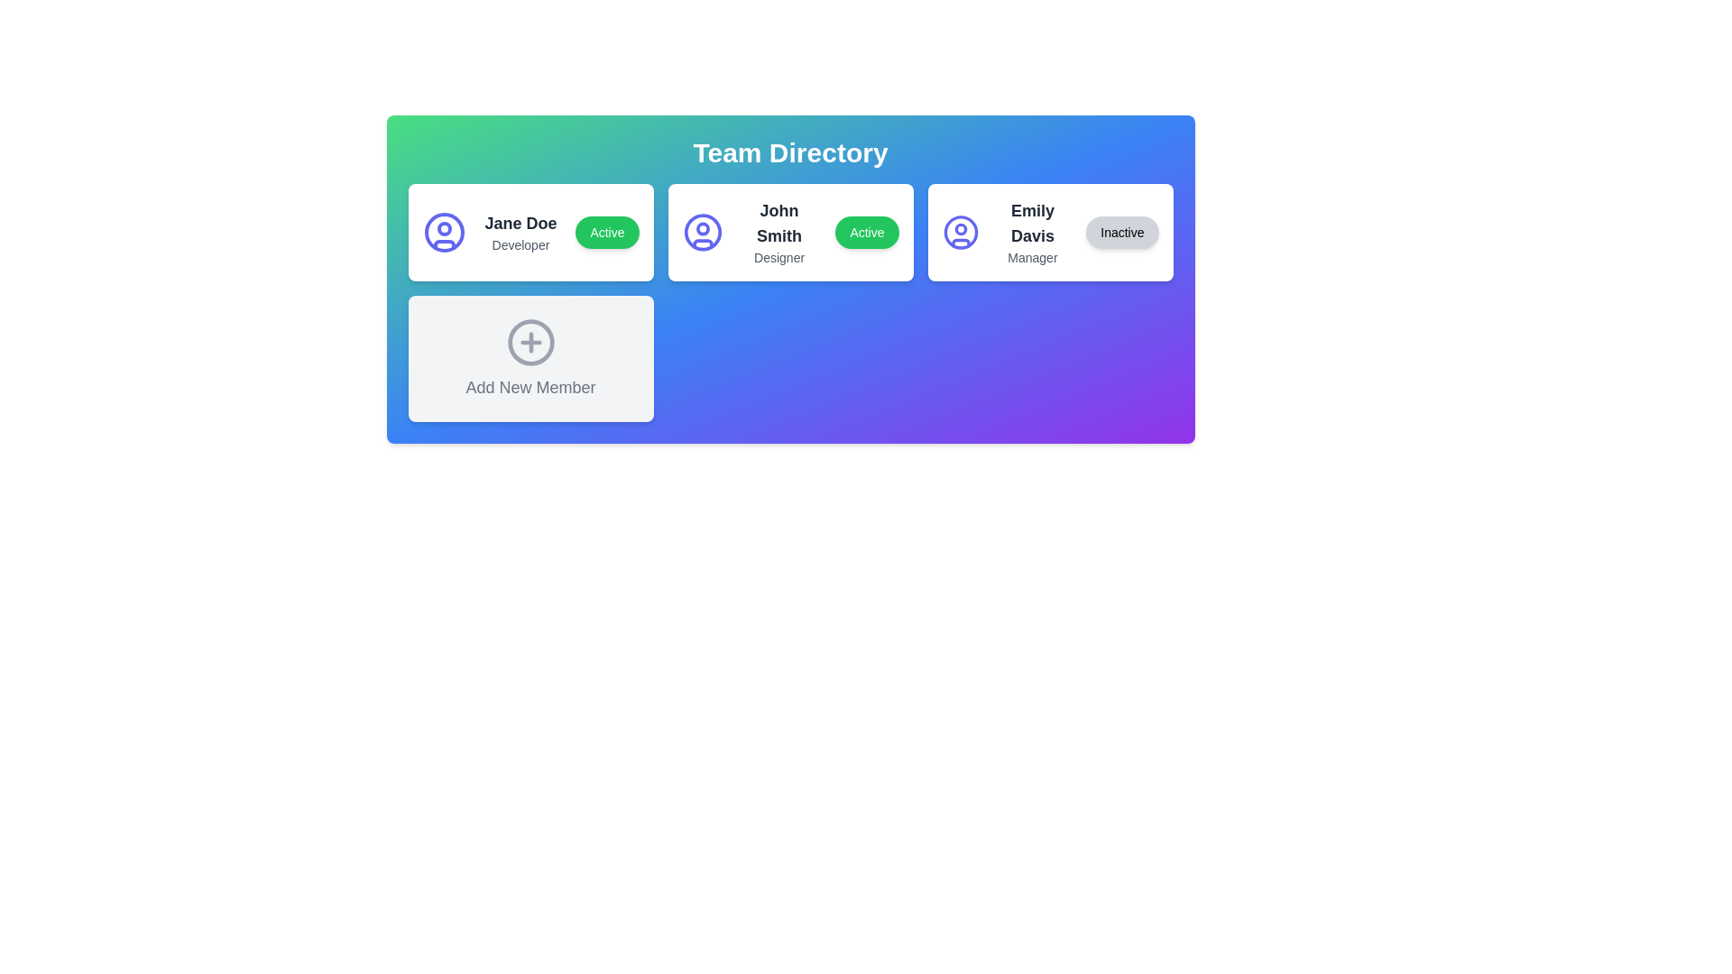 Image resolution: width=1732 pixels, height=974 pixels. Describe the element at coordinates (530, 386) in the screenshot. I see `the text label that says 'Add New Member', which is styled with gray color and large font size, located in the lower left area of the 'Team Directory' interface` at that location.